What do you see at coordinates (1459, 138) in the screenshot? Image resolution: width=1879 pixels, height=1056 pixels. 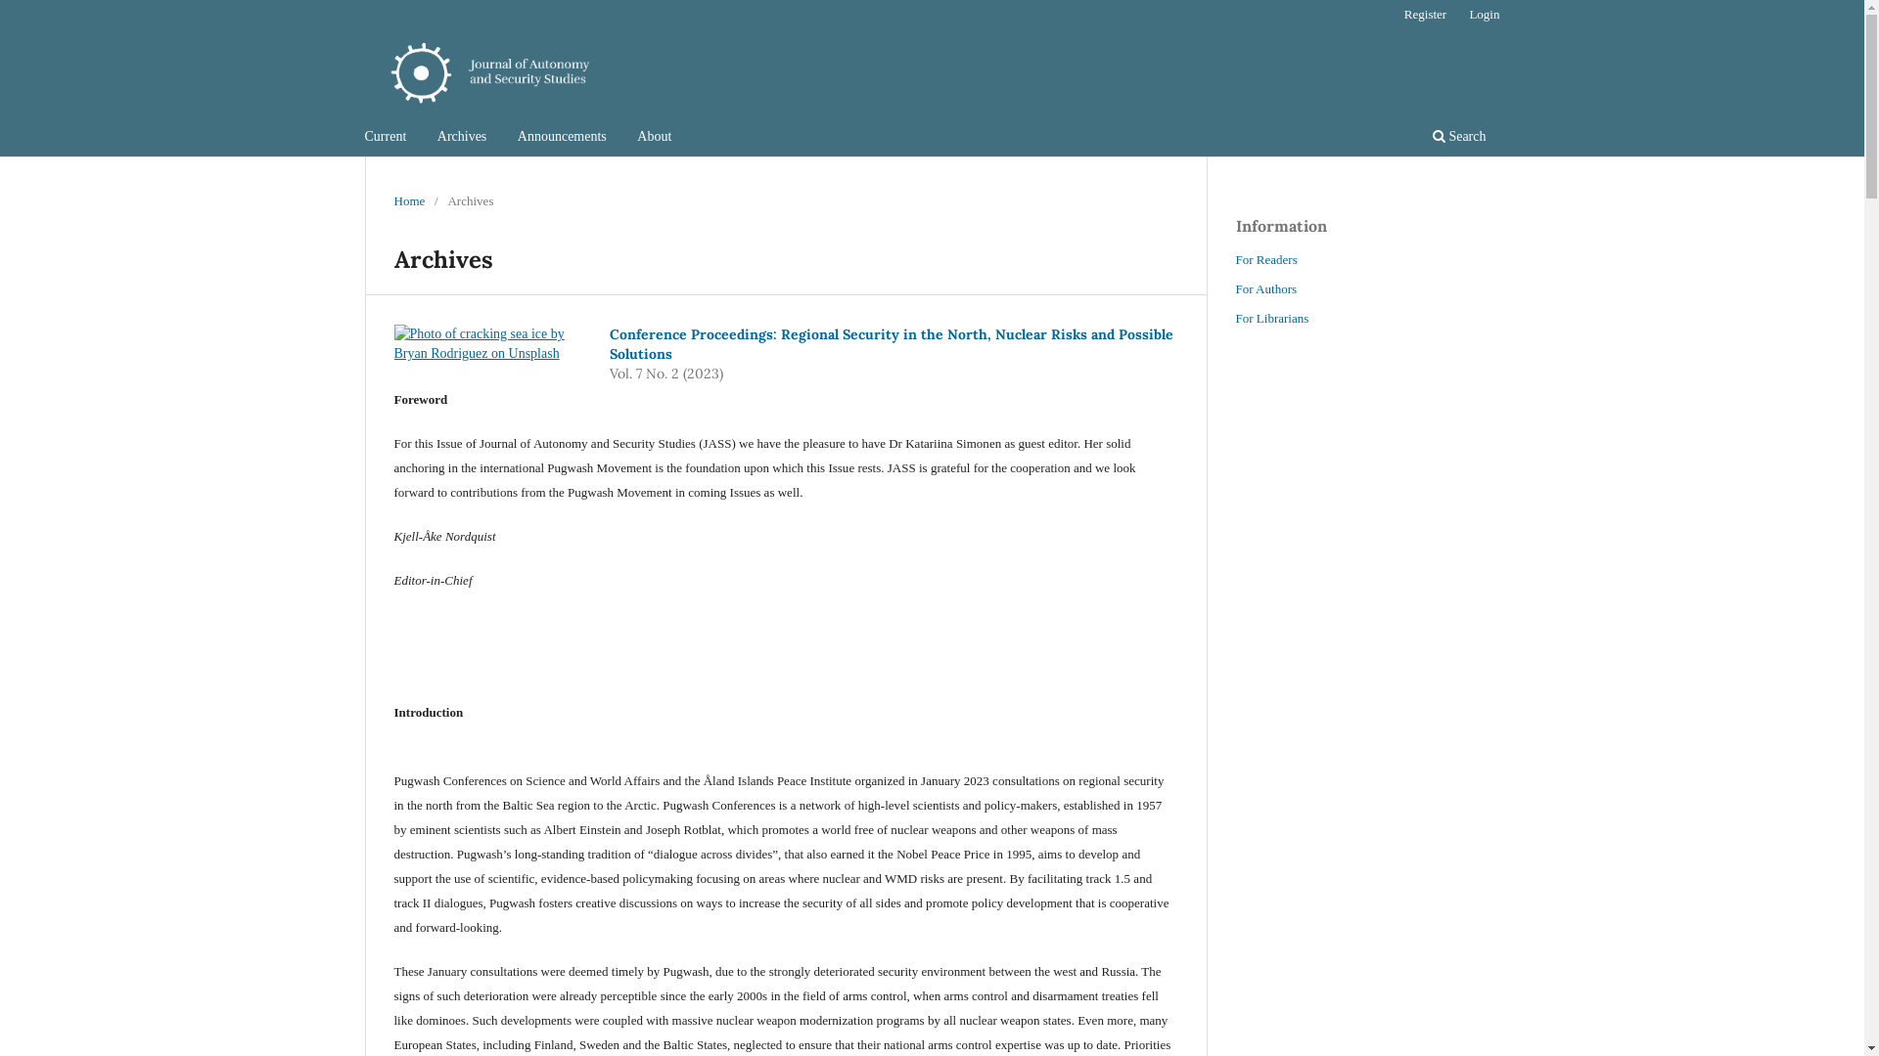 I see `'Search'` at bounding box center [1459, 138].